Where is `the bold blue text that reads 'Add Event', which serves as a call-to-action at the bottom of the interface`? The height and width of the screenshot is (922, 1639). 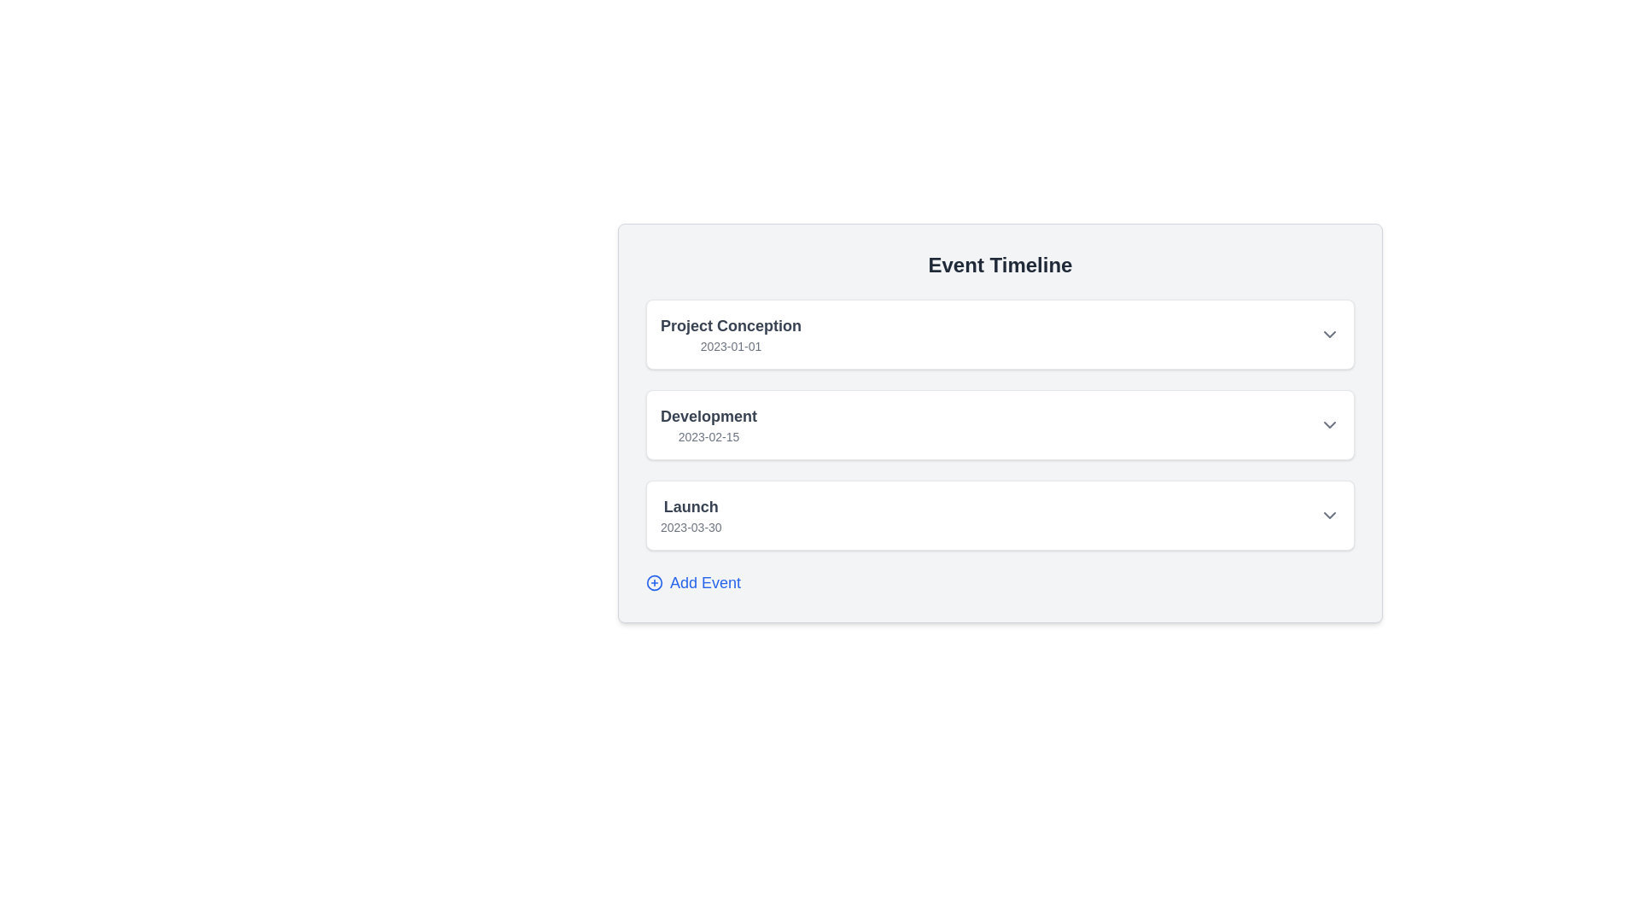
the bold blue text that reads 'Add Event', which serves as a call-to-action at the bottom of the interface is located at coordinates (705, 581).